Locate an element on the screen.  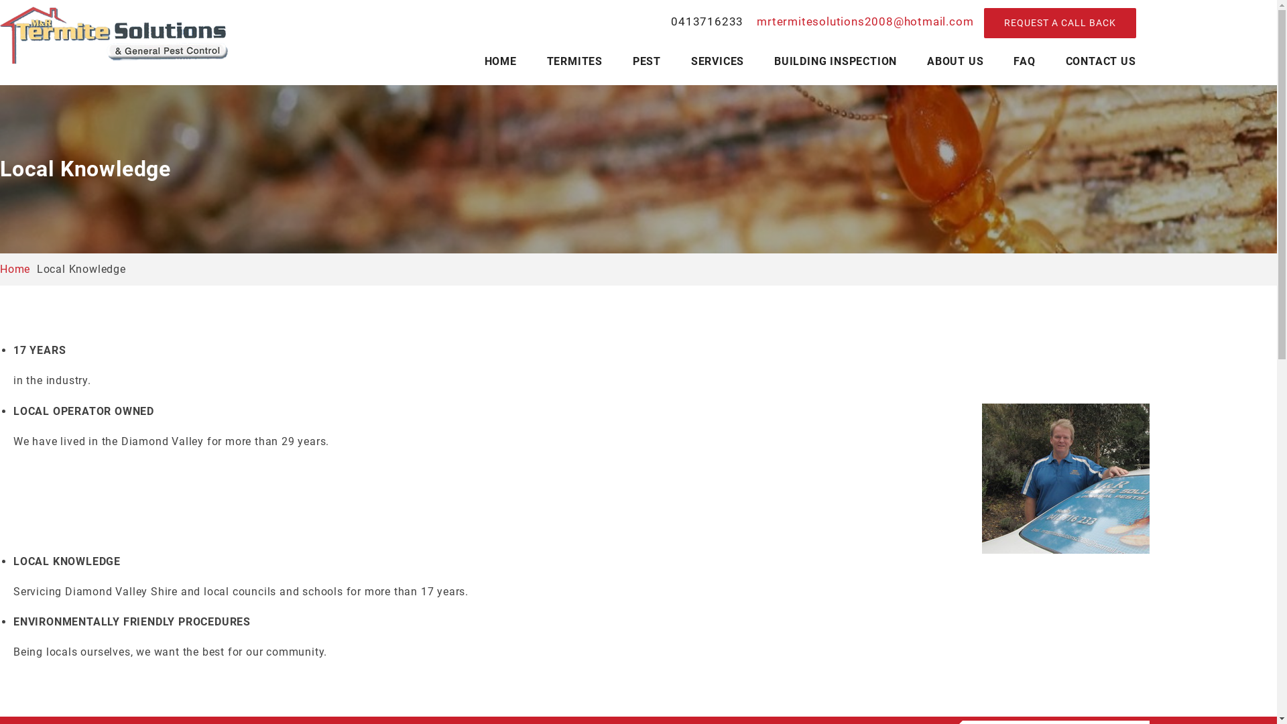
'ABOUT US' is located at coordinates (955, 62).